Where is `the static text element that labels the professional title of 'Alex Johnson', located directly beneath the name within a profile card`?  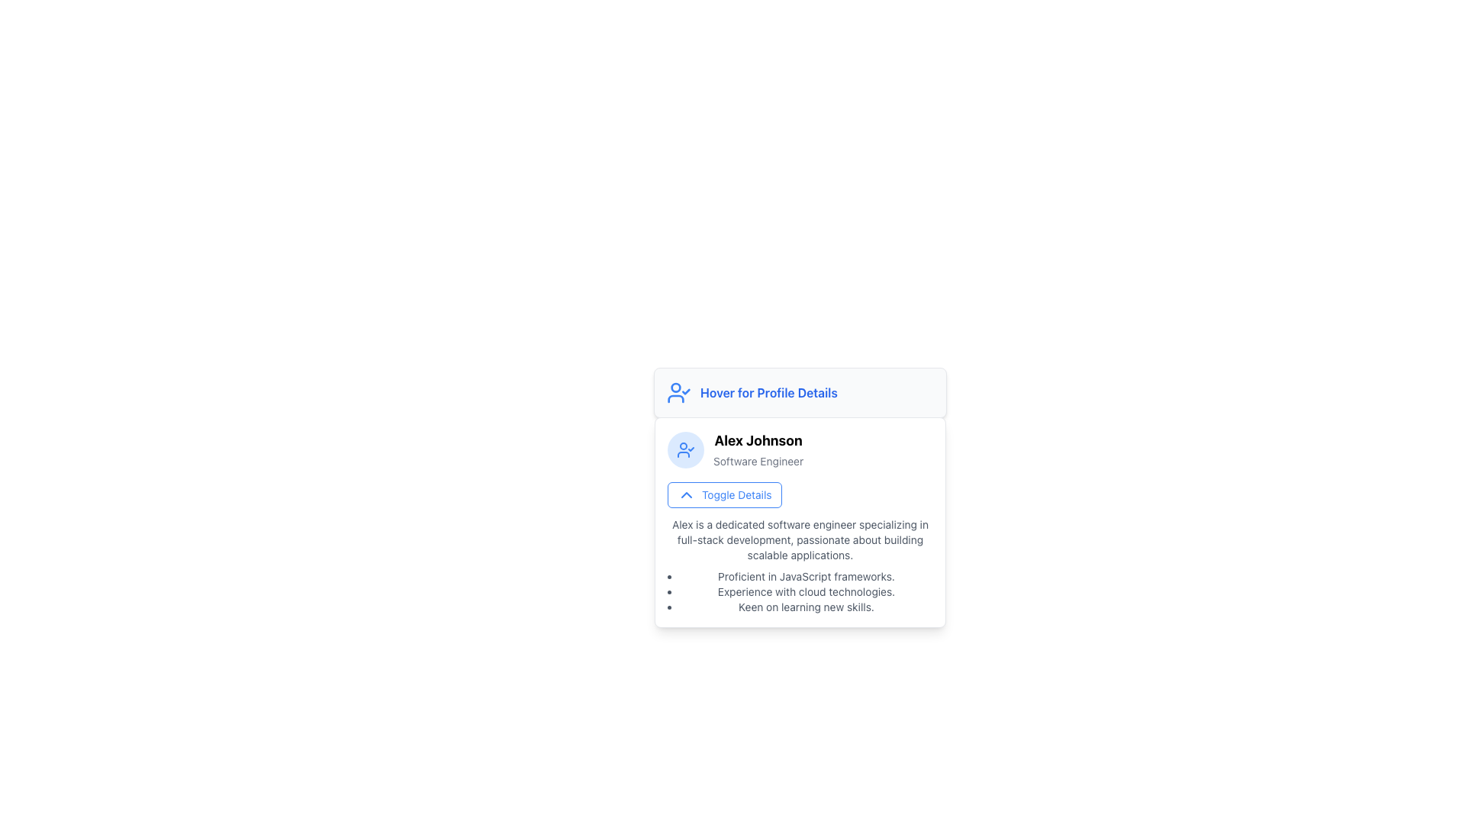
the static text element that labels the professional title of 'Alex Johnson', located directly beneath the name within a profile card is located at coordinates (758, 460).